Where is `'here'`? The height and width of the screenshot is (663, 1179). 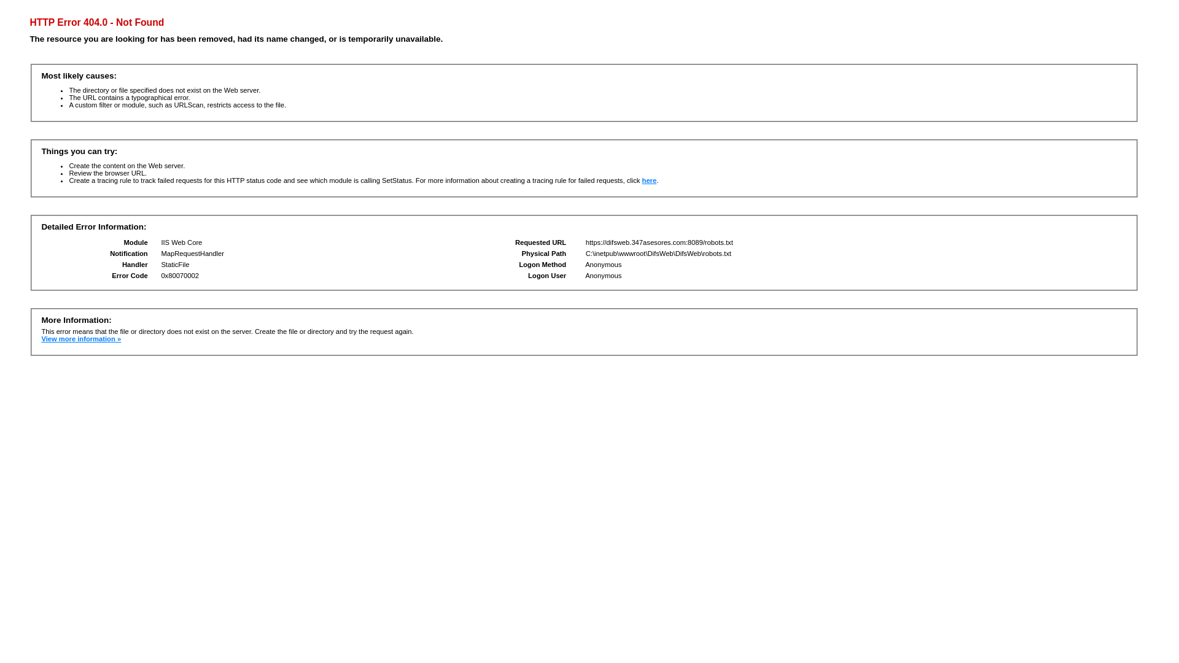 'here' is located at coordinates (642, 180).